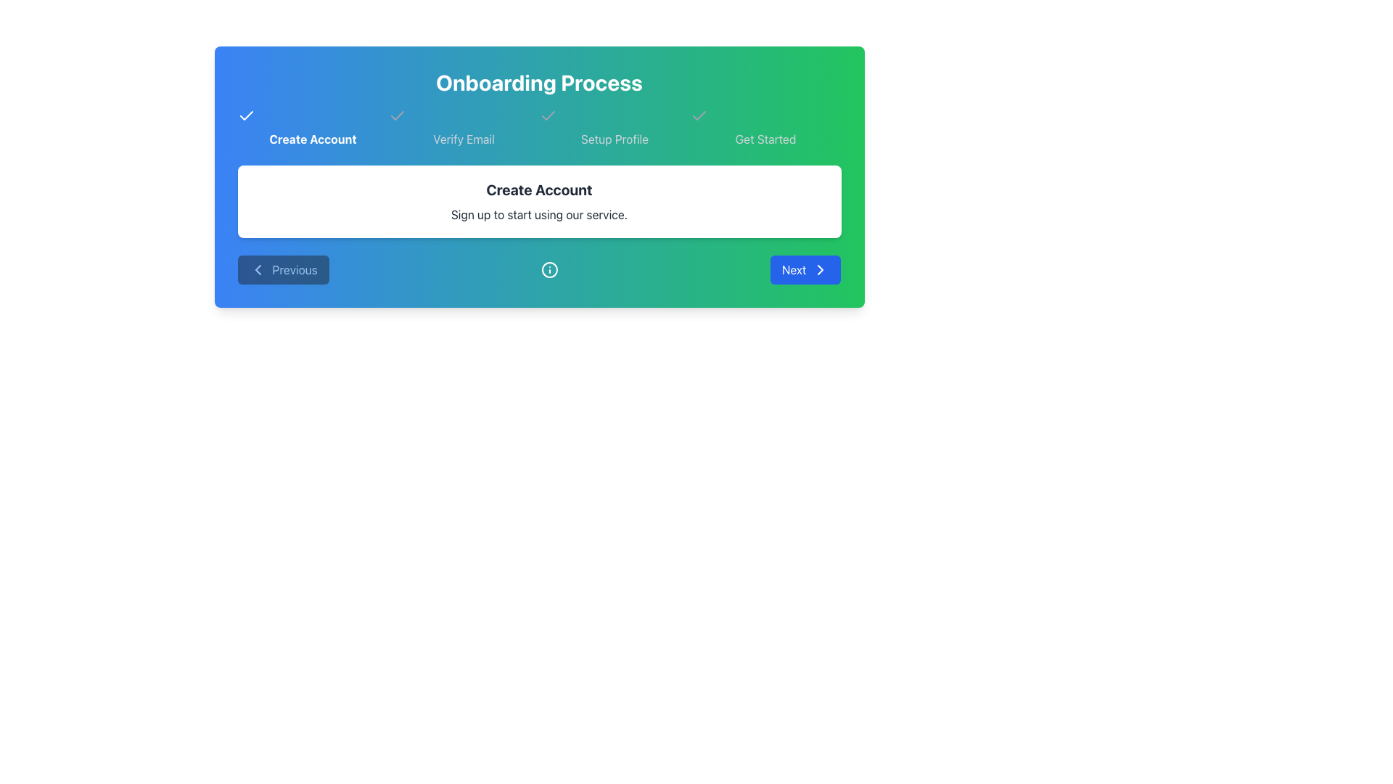  What do you see at coordinates (258, 269) in the screenshot?
I see `the 'Previous' button which features a left-pointing chevron arrow icon located at the bottom-left corner of the onboarding interface` at bounding box center [258, 269].